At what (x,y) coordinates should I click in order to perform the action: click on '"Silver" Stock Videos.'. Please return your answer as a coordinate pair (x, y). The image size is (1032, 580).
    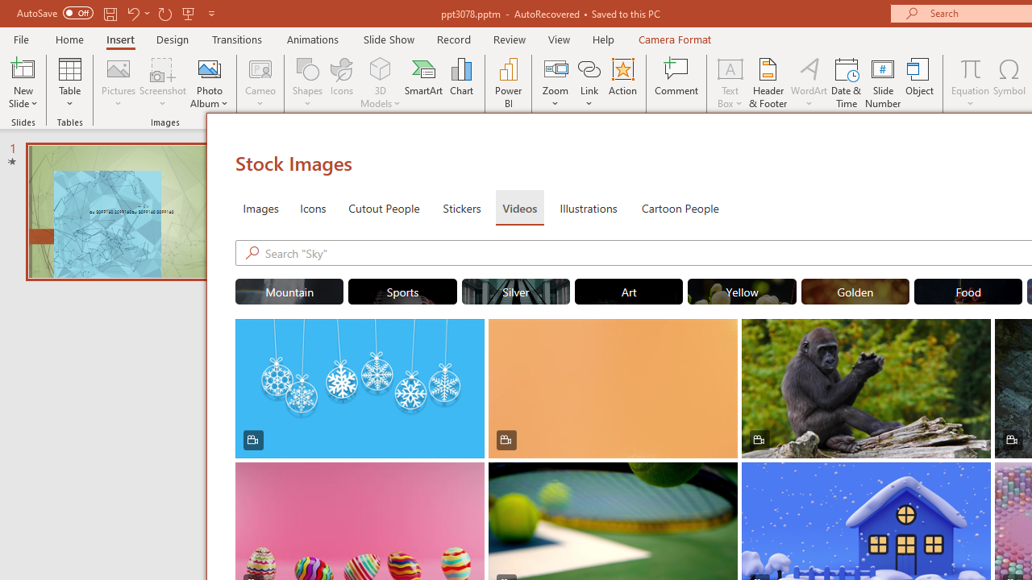
    Looking at the image, I should click on (516, 292).